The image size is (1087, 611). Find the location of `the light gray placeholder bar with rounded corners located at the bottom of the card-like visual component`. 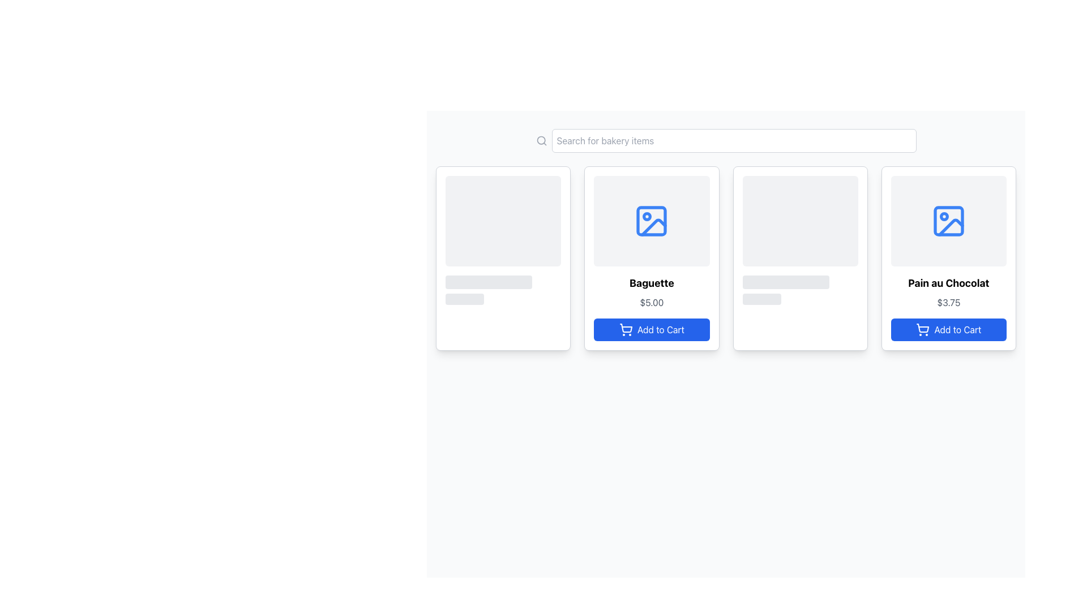

the light gray placeholder bar with rounded corners located at the bottom of the card-like visual component is located at coordinates (761, 298).